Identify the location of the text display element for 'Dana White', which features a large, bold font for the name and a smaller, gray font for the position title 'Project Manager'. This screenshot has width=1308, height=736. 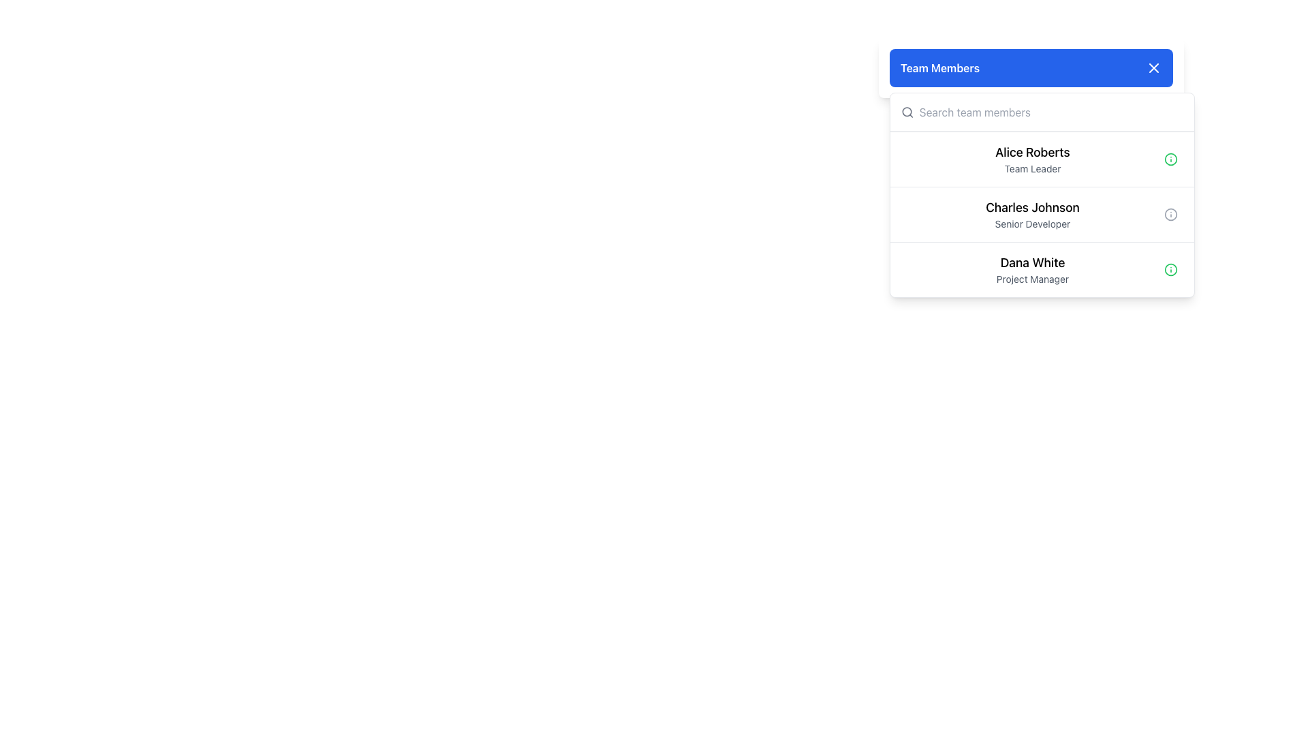
(1033, 270).